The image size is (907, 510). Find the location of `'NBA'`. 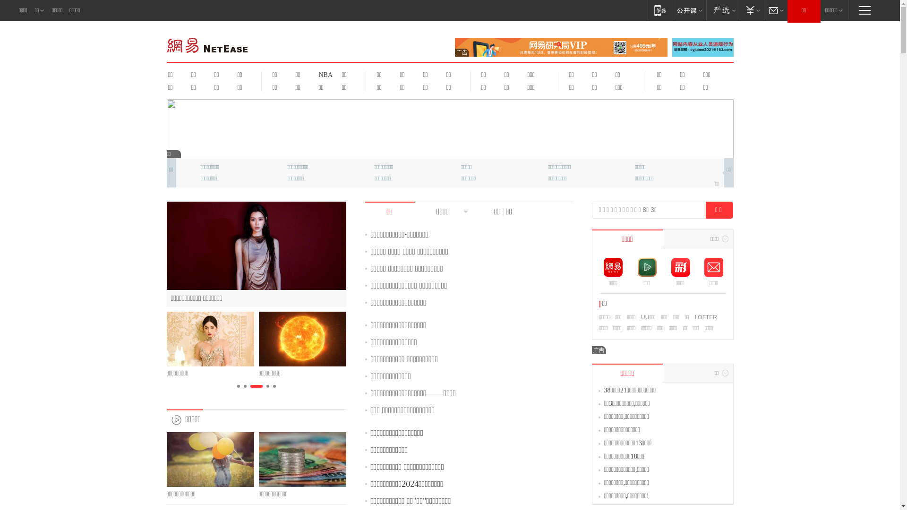

'NBA' is located at coordinates (313, 74).